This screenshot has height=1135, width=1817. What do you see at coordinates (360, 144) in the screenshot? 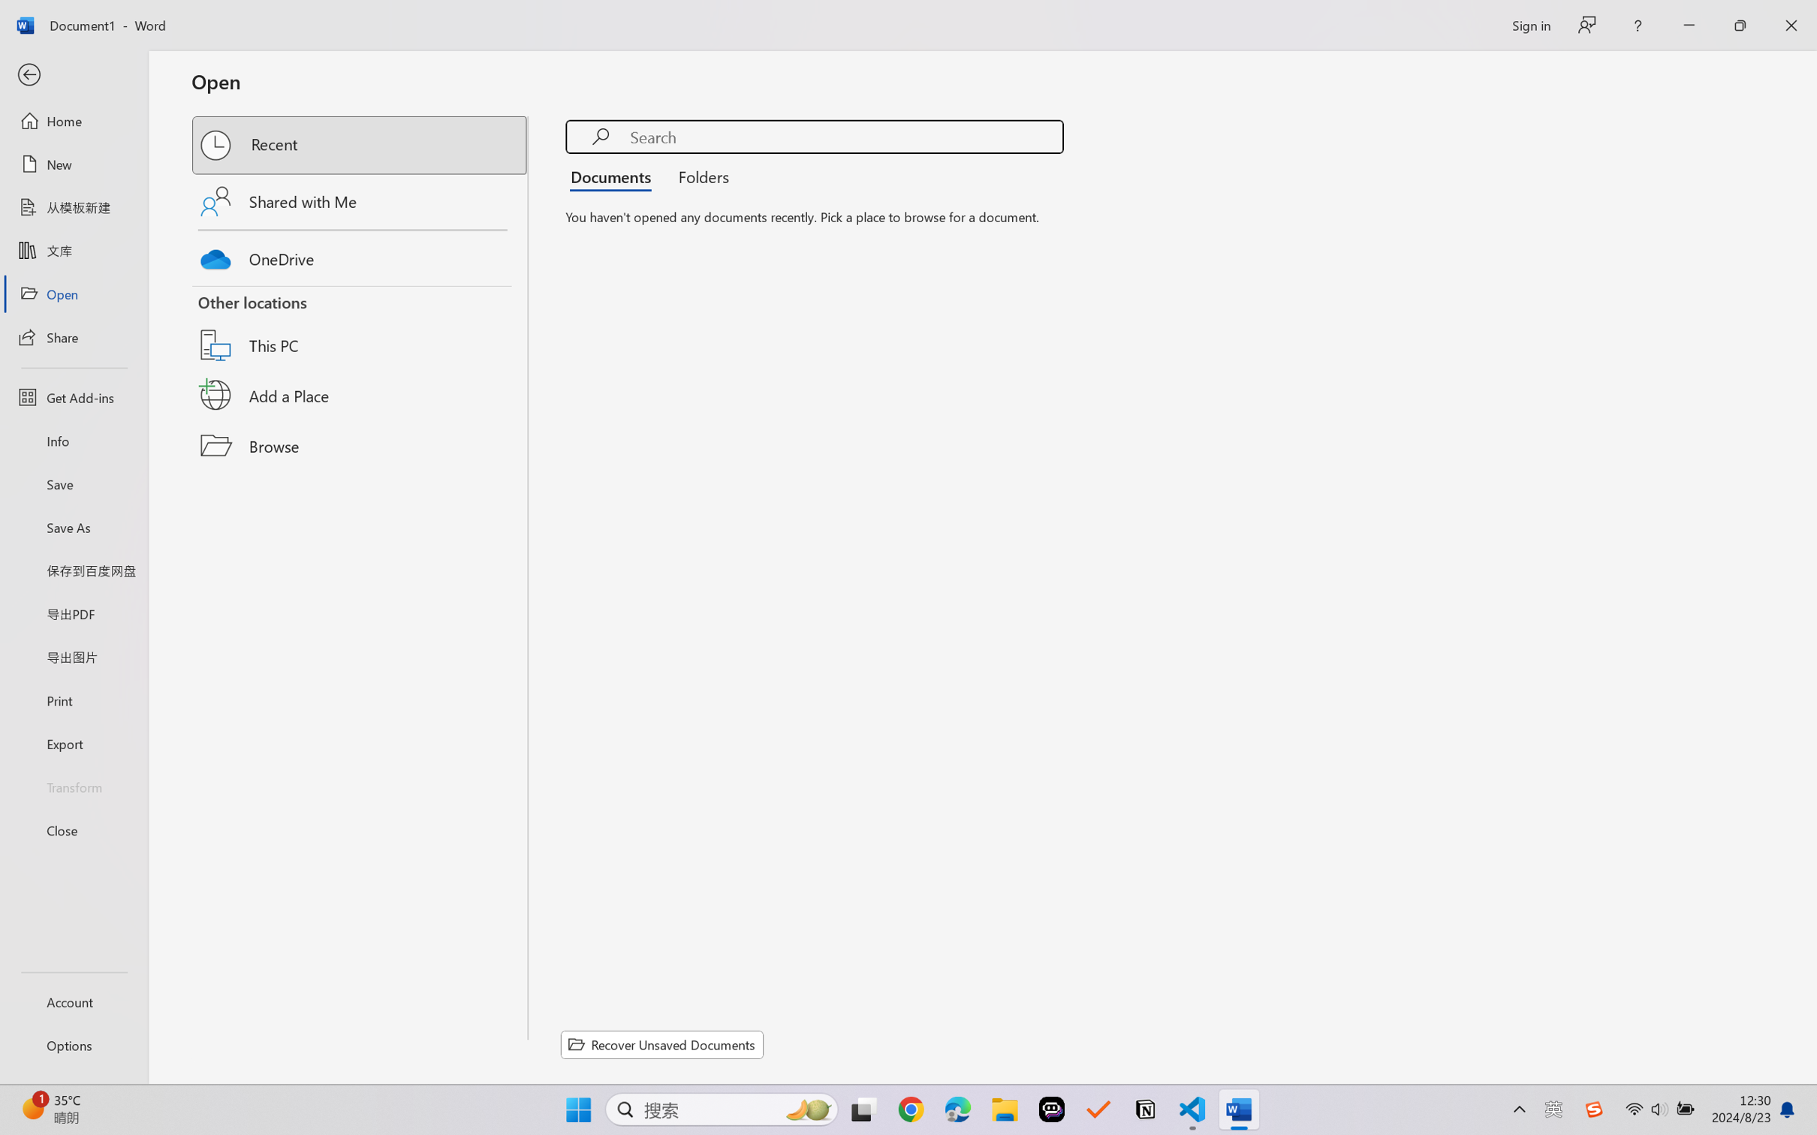
I see `'Recent'` at bounding box center [360, 144].